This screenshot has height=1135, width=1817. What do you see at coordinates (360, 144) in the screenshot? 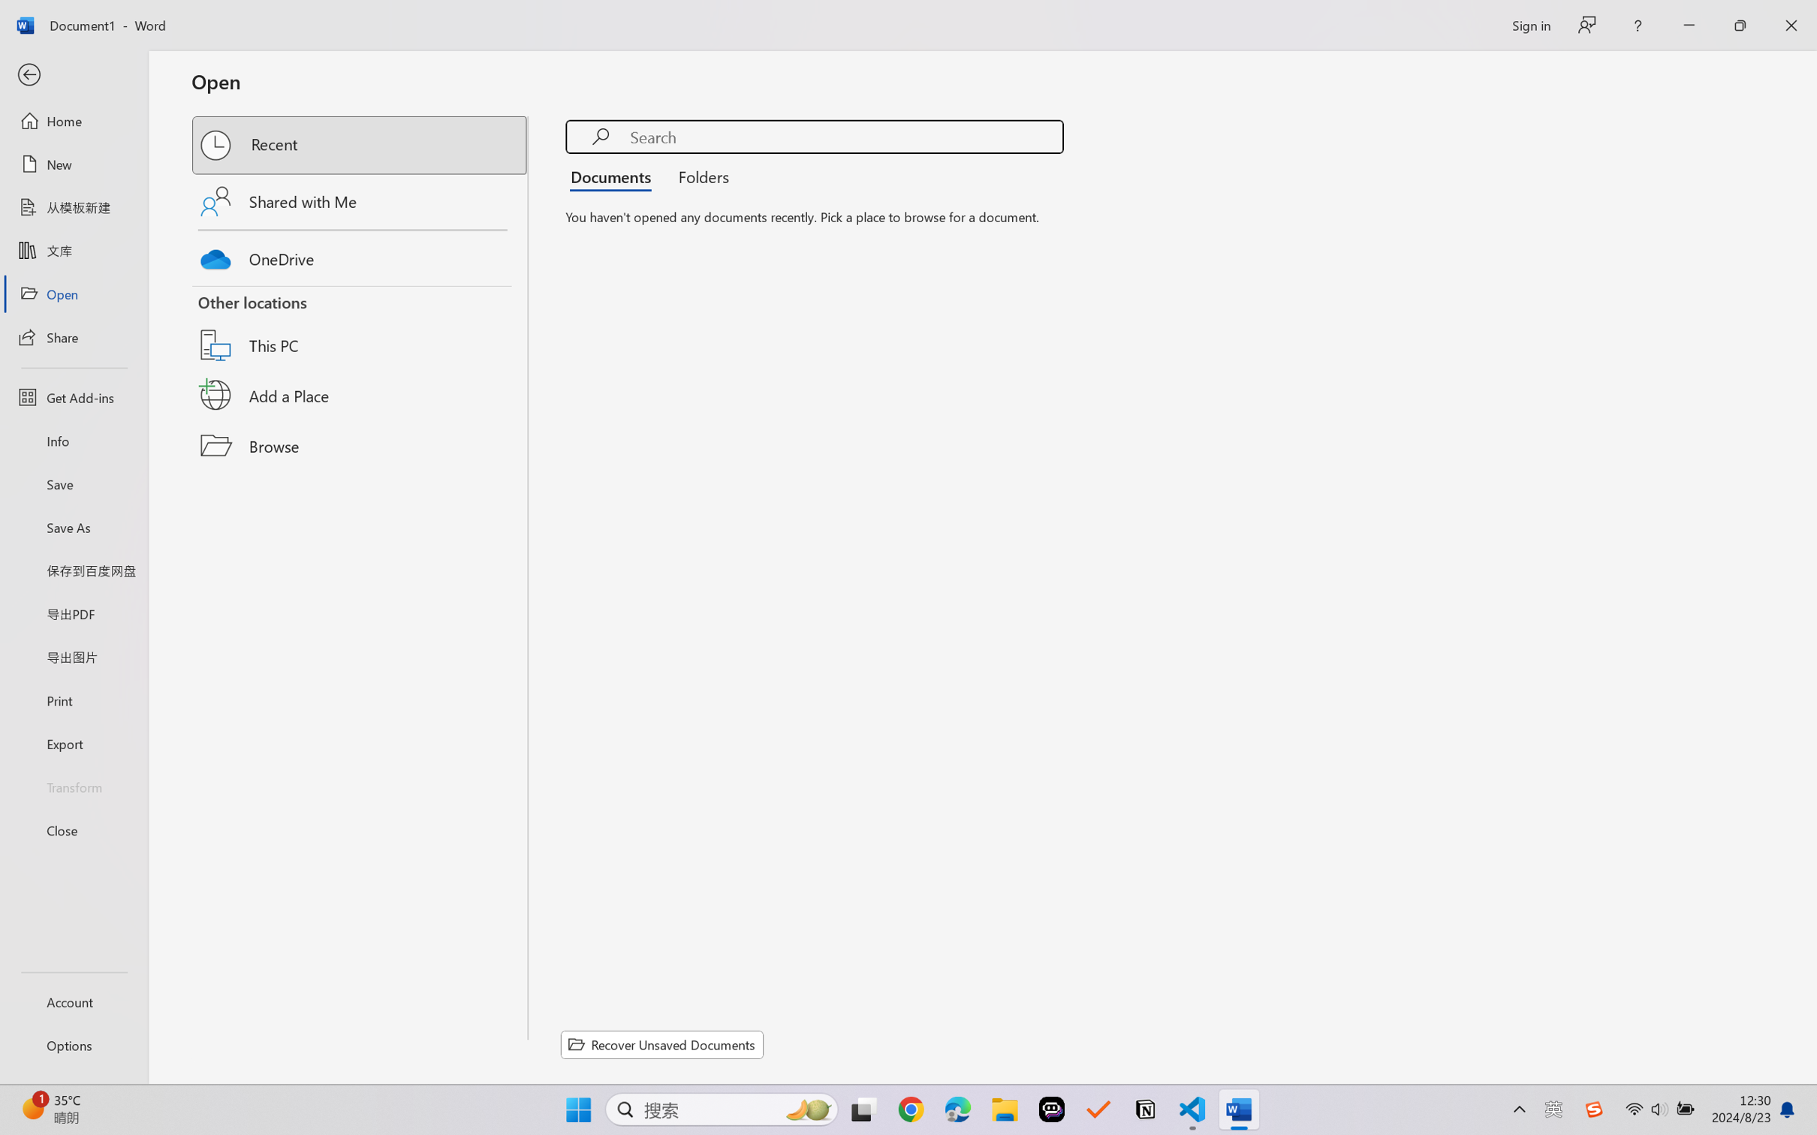
I see `'Recent'` at bounding box center [360, 144].